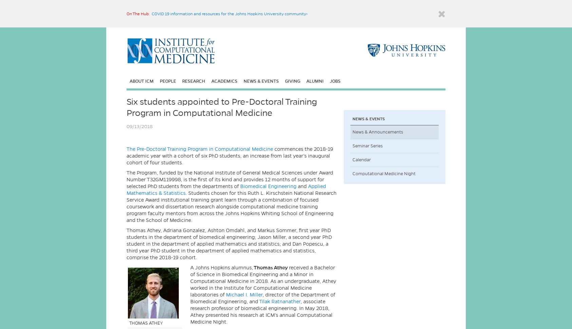 The image size is (572, 329). I want to click on 'THOMAS ATHEY', so click(146, 322).